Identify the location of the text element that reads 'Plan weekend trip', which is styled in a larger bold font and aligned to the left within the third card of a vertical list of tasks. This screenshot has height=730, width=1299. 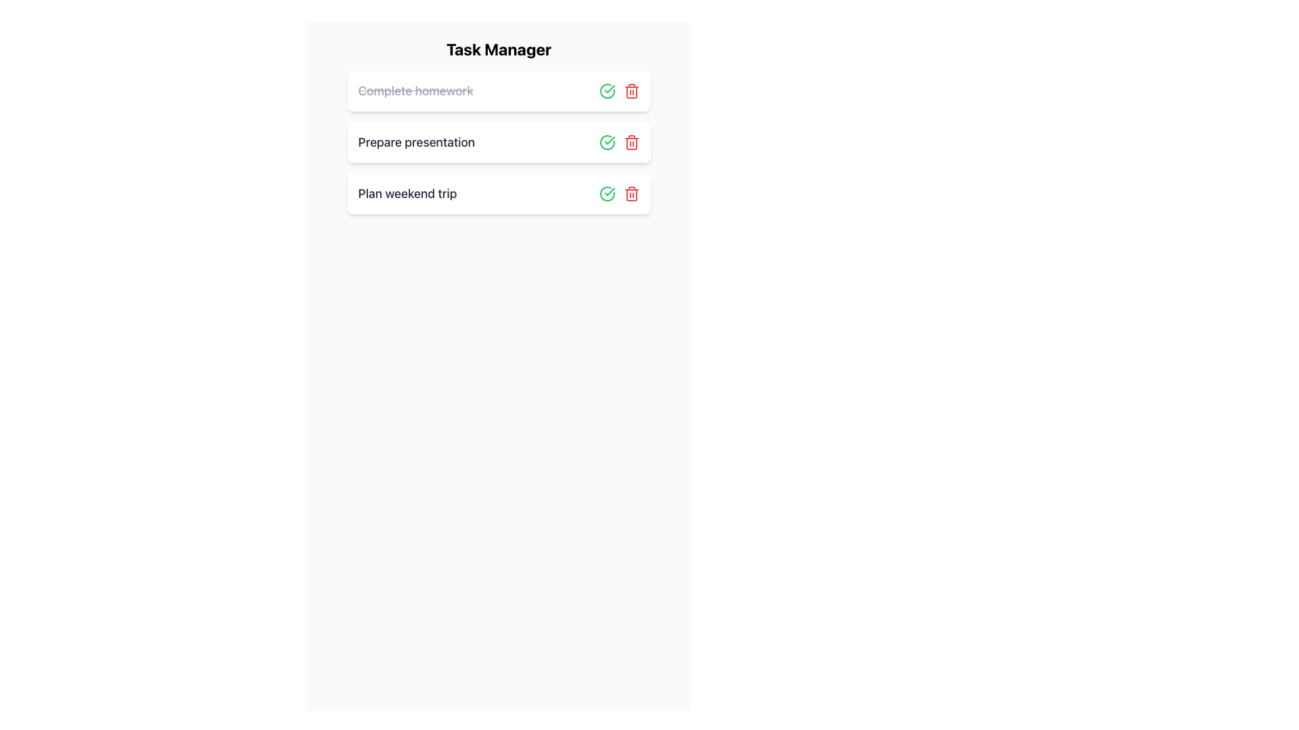
(407, 193).